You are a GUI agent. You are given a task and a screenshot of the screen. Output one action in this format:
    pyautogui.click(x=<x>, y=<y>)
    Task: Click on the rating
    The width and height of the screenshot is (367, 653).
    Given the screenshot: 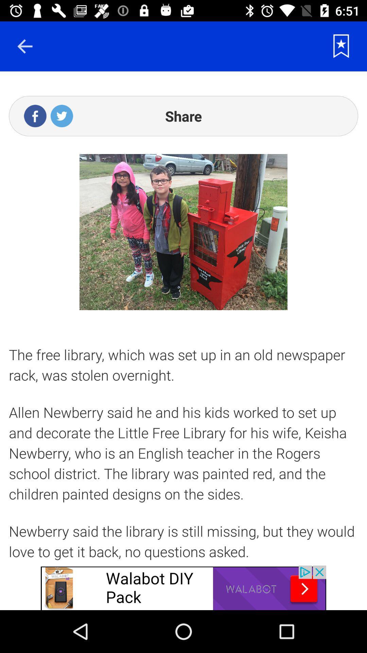 What is the action you would take?
    pyautogui.click(x=341, y=46)
    